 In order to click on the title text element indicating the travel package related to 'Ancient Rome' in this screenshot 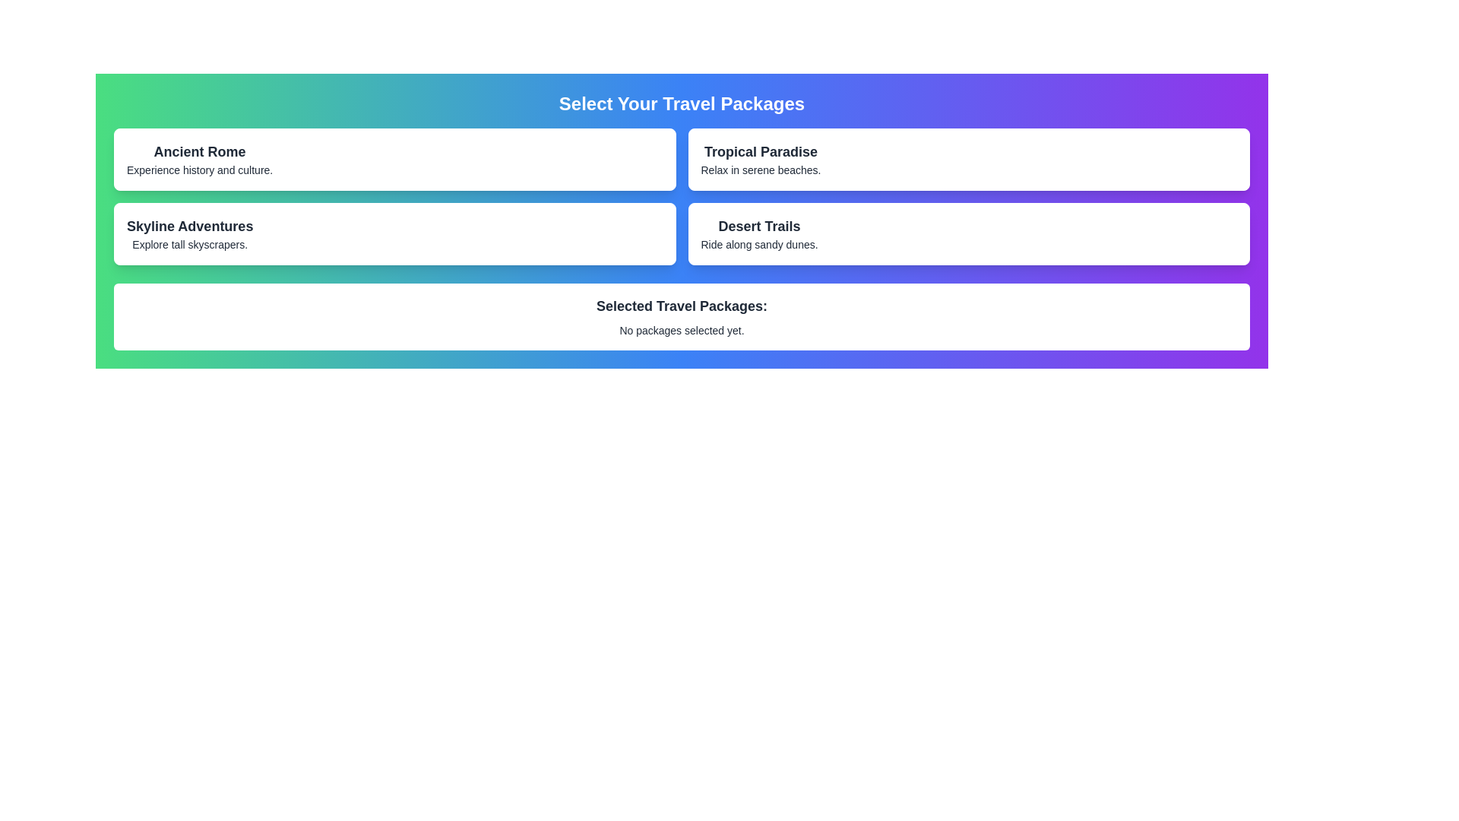, I will do `click(199, 152)`.